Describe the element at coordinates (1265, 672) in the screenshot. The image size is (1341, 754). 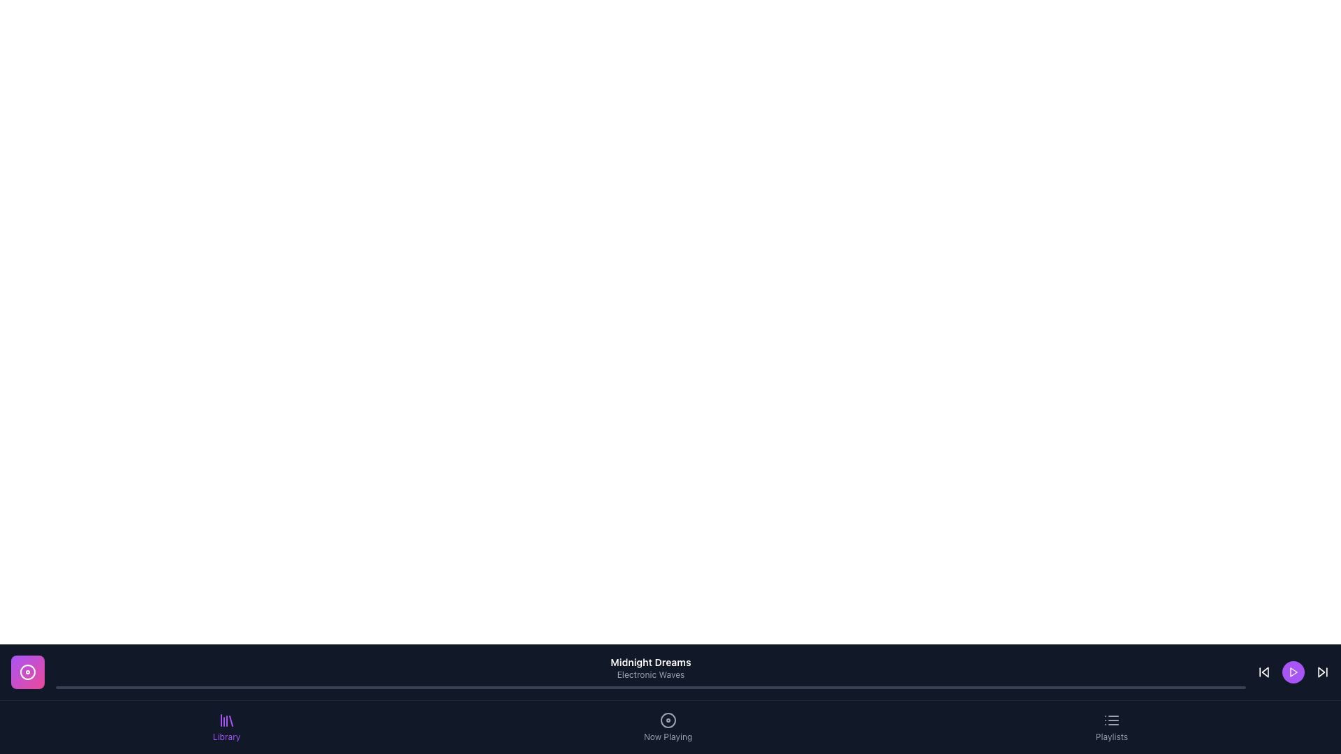
I see `the triangular-style skip-back icon located in the bottom-right section of the interface` at that location.